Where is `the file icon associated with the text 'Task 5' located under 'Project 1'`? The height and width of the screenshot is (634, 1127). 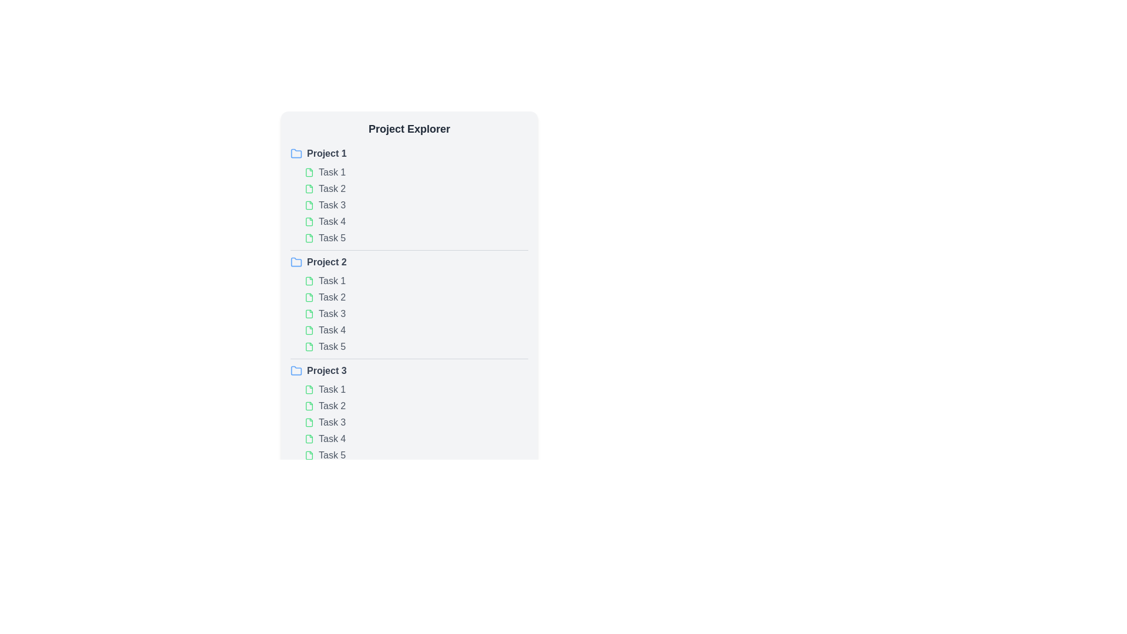
the file icon associated with the text 'Task 5' located under 'Project 1' is located at coordinates (309, 238).